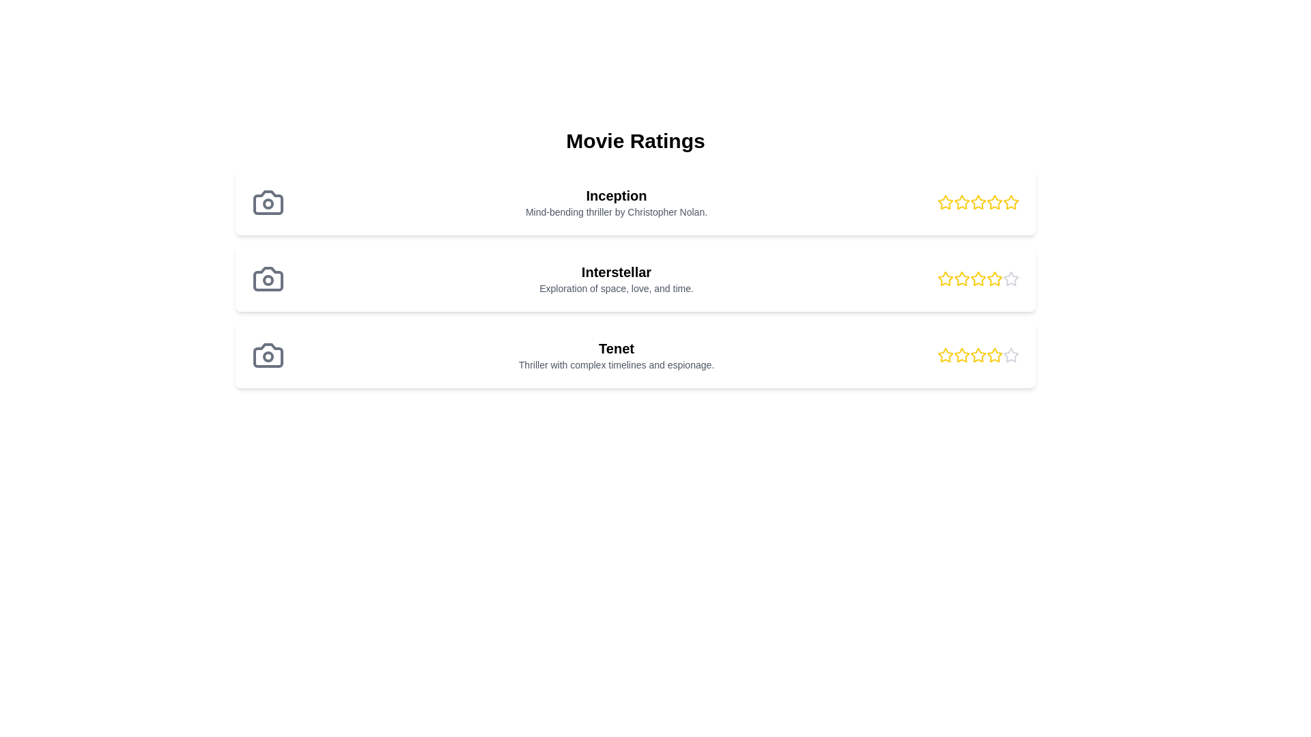  What do you see at coordinates (1011, 354) in the screenshot?
I see `the sixth rating star icon for the movie 'Tenet'` at bounding box center [1011, 354].